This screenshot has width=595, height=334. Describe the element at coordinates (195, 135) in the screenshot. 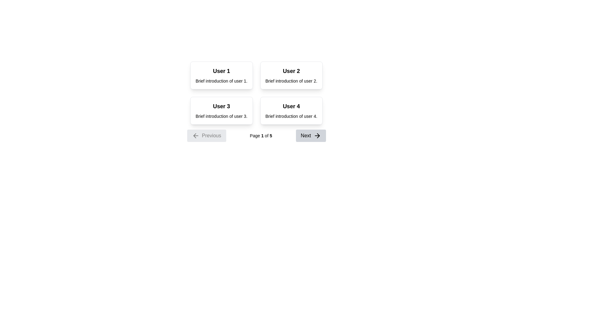

I see `the SVG-based icon that serves as a visual indicator for navigation` at that location.